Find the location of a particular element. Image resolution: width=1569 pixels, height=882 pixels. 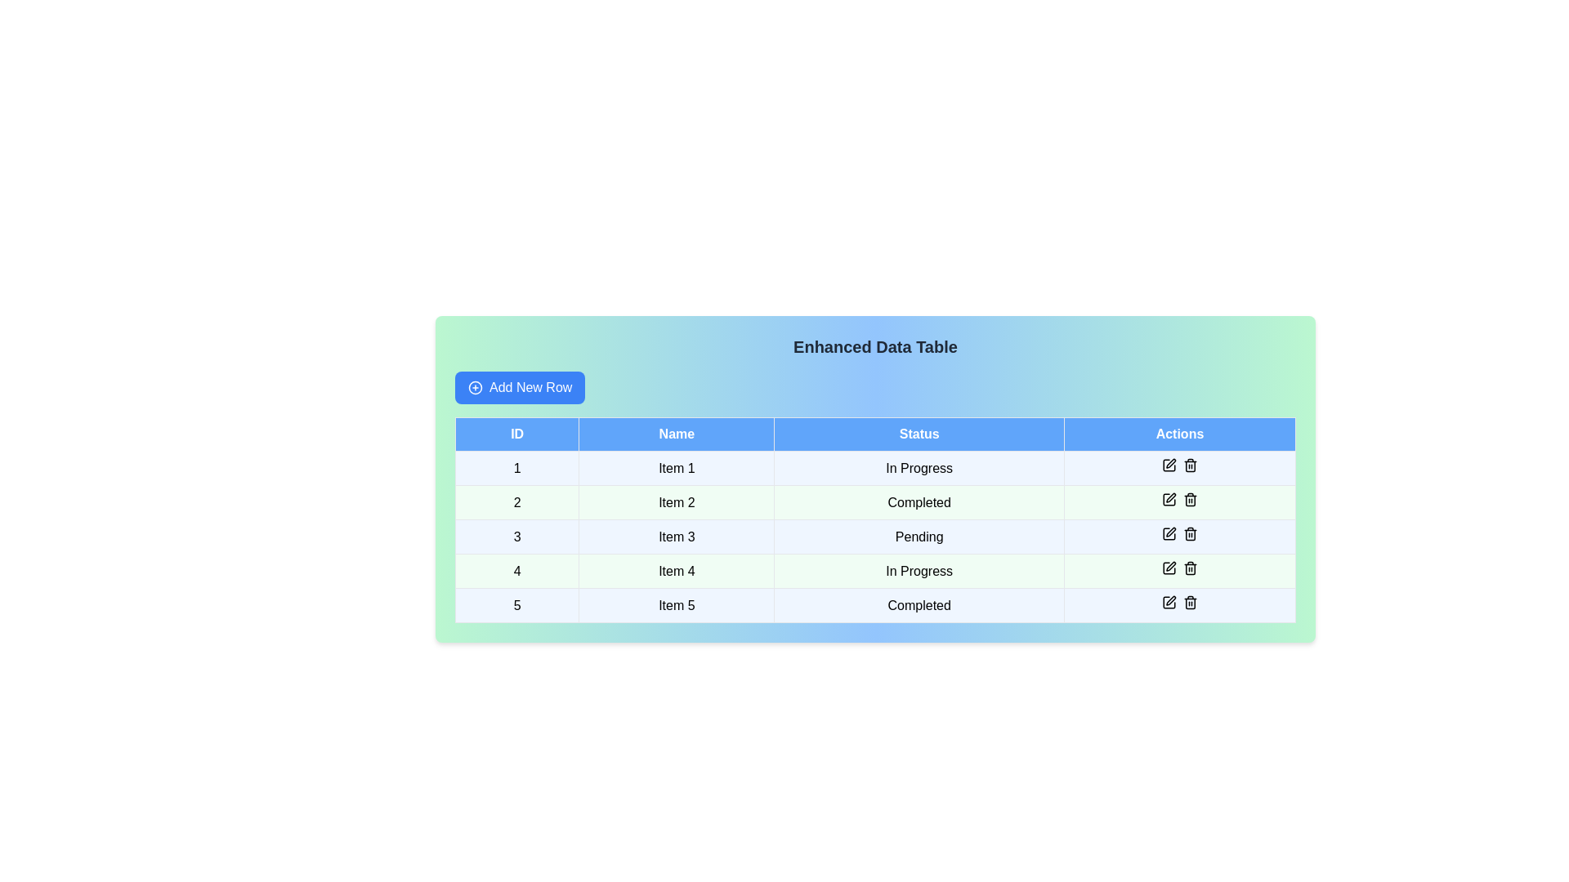

the Text display element that shows 'Completed' in bold, located in the third column of the second row of the table is located at coordinates (919, 501).